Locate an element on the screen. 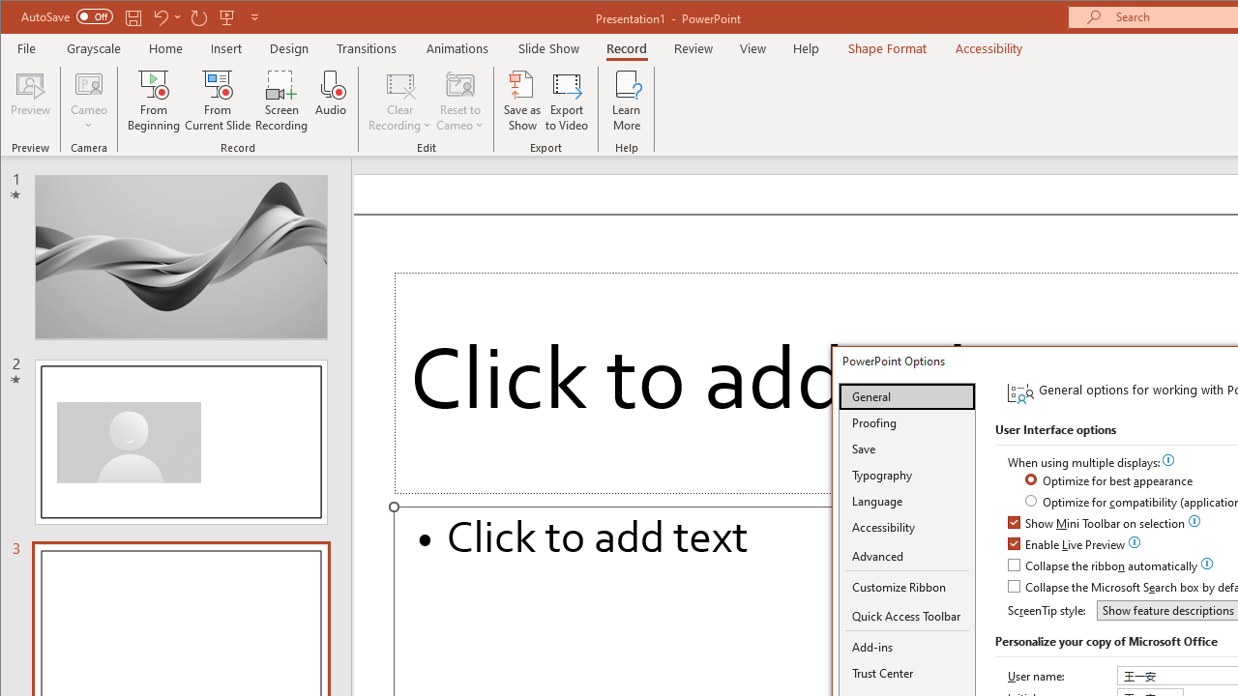 Image resolution: width=1238 pixels, height=696 pixels. 'Optimize for best appearance' is located at coordinates (1110, 480).